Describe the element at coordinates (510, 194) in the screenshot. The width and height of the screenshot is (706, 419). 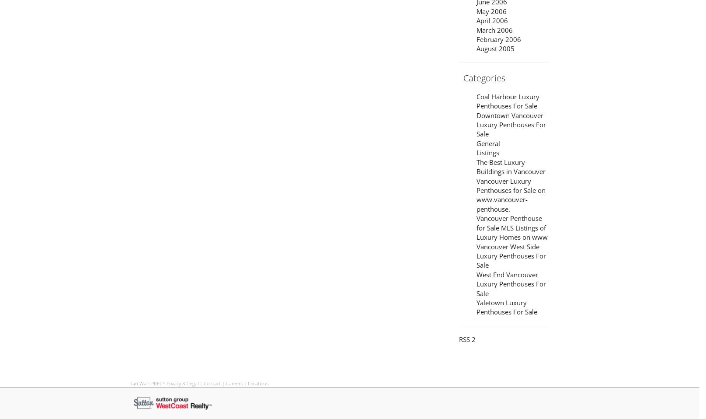
I see `'Vancouver Luxury Penthouses for Sale on www.vancouver-penthouse.'` at that location.